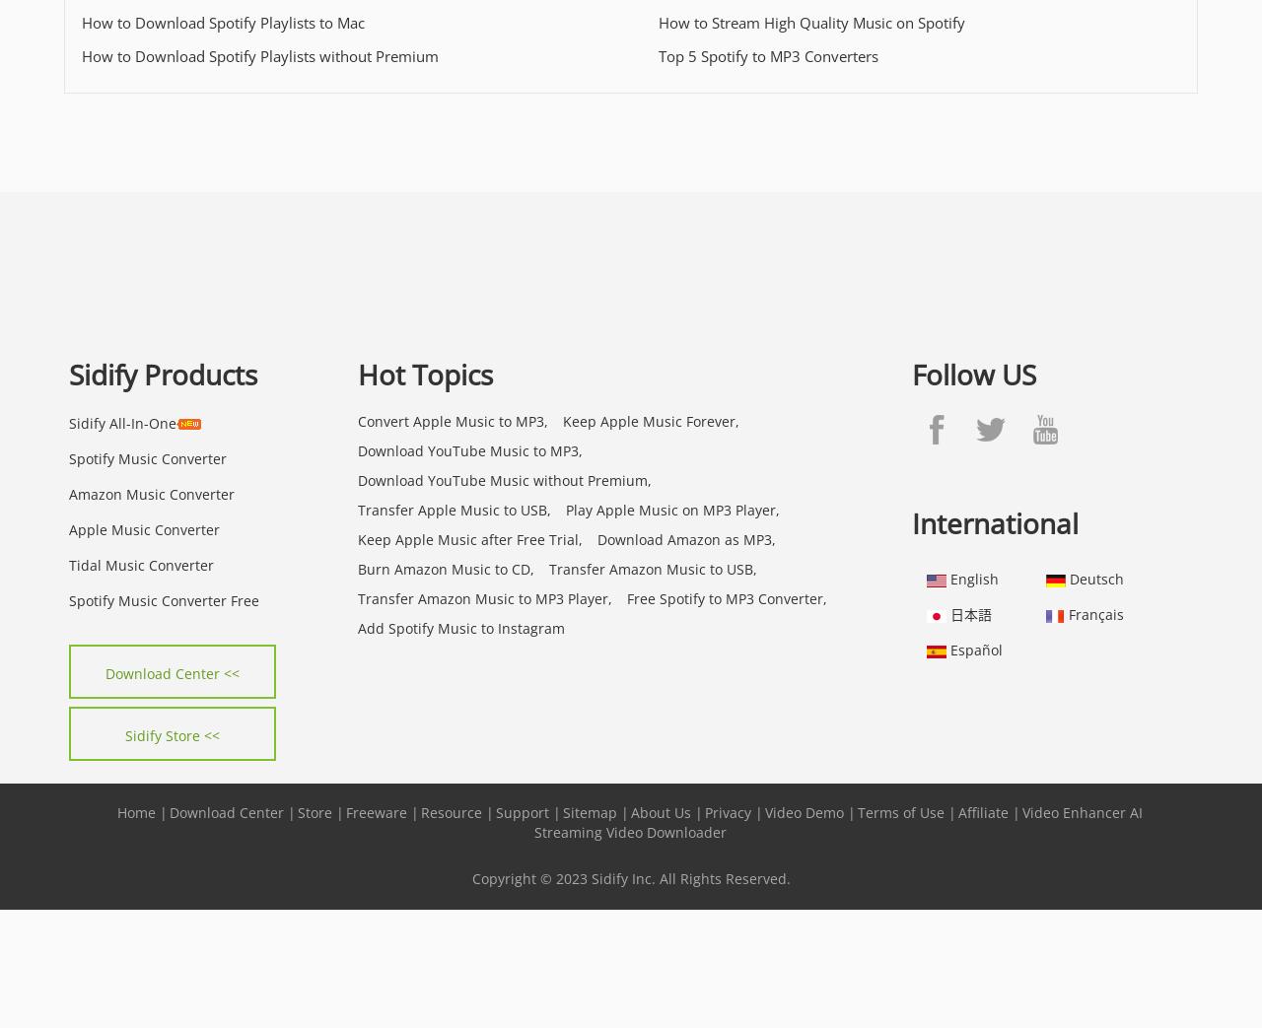  What do you see at coordinates (659, 21) in the screenshot?
I see `'How to Stream High Quality Music on Spotify'` at bounding box center [659, 21].